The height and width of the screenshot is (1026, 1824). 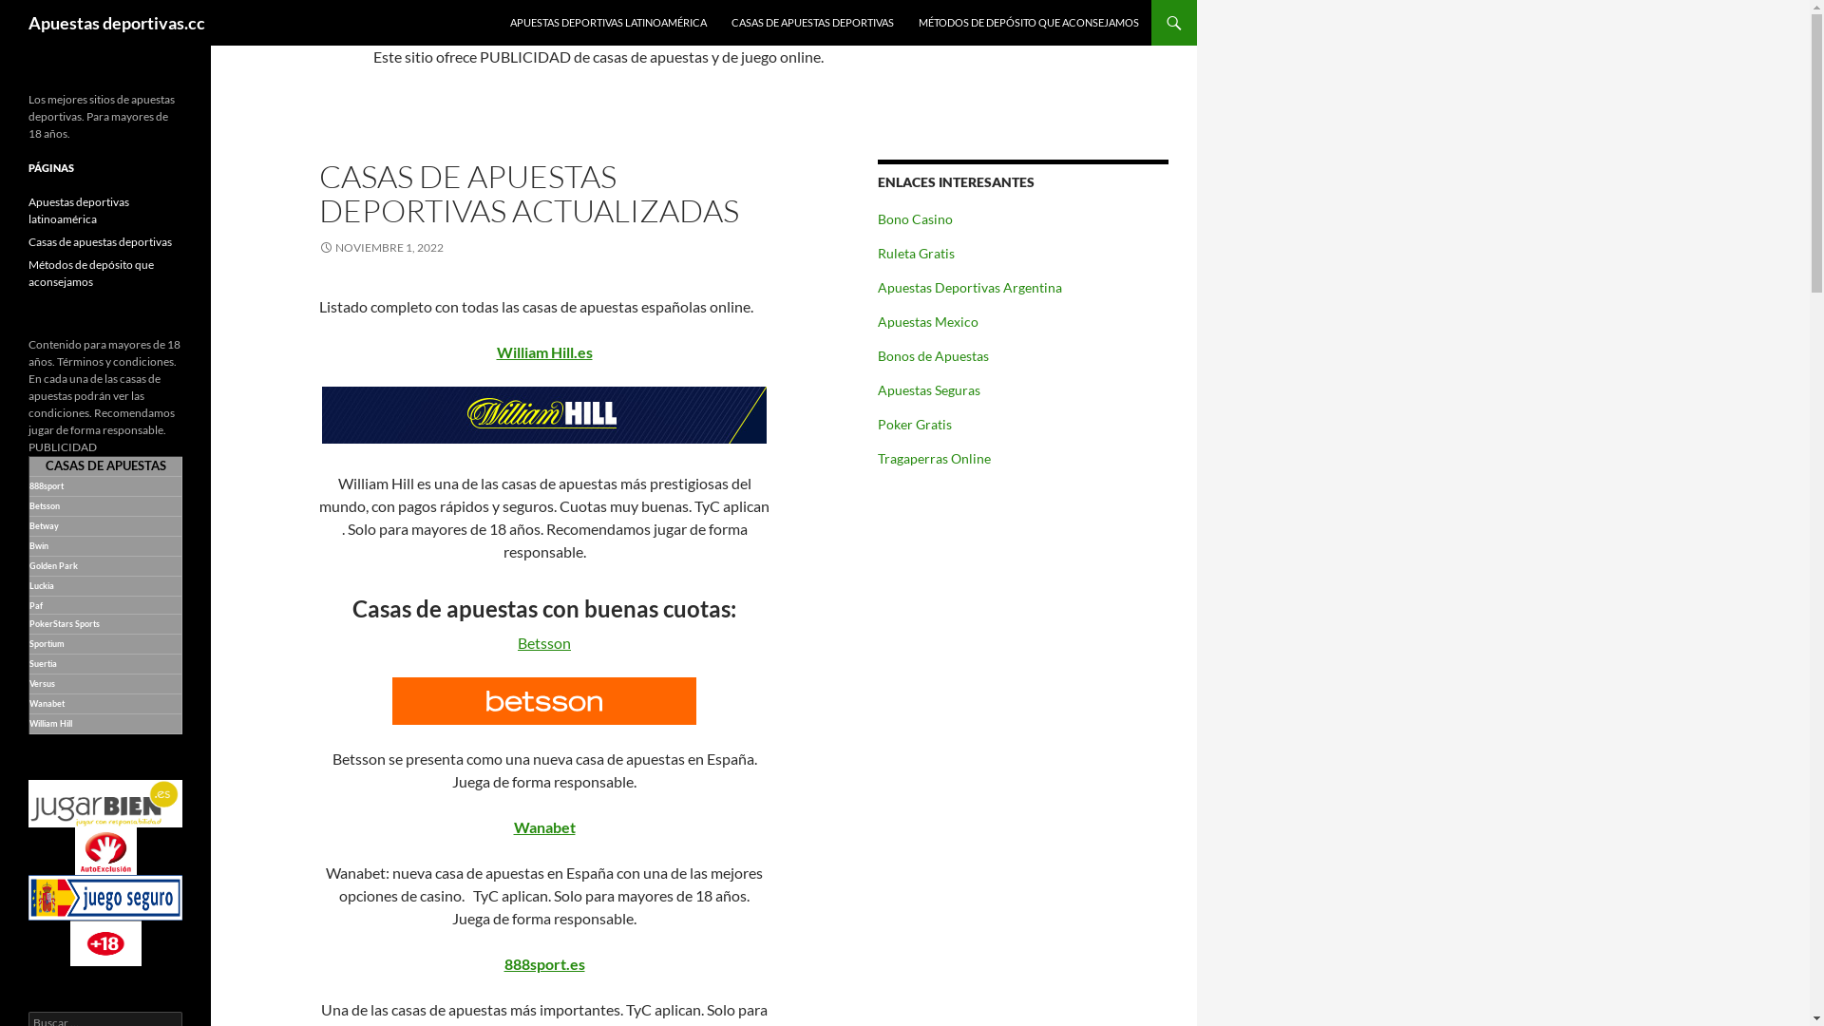 I want to click on 'Sportium', so click(x=28, y=642).